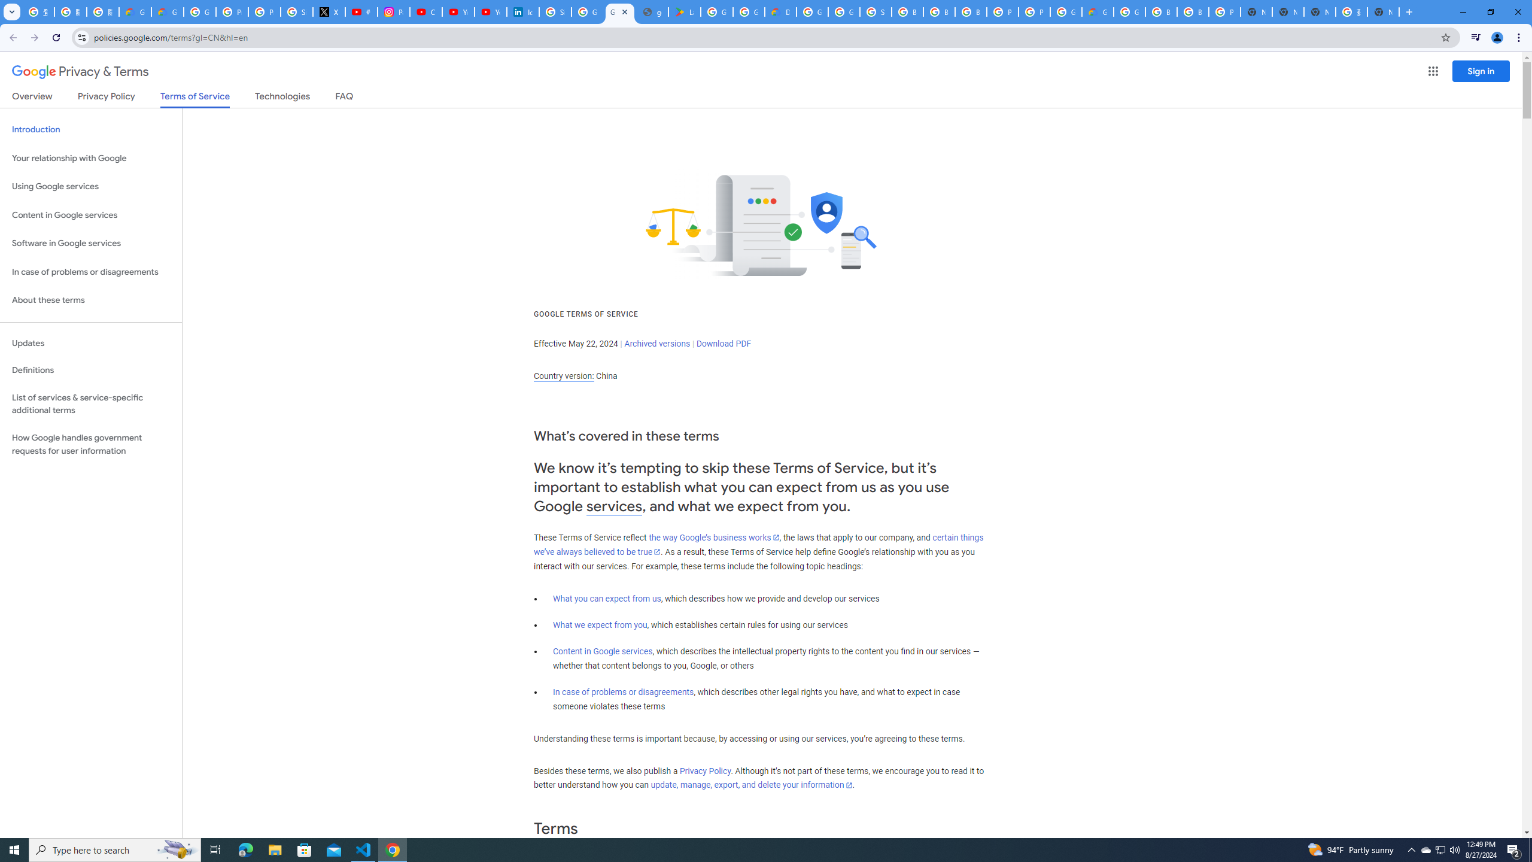 The height and width of the screenshot is (862, 1532). Describe the element at coordinates (1490, 11) in the screenshot. I see `'Restore'` at that location.